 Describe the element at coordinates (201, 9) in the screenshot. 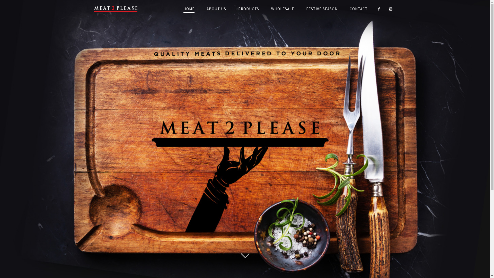

I see `'ABOUT US'` at that location.